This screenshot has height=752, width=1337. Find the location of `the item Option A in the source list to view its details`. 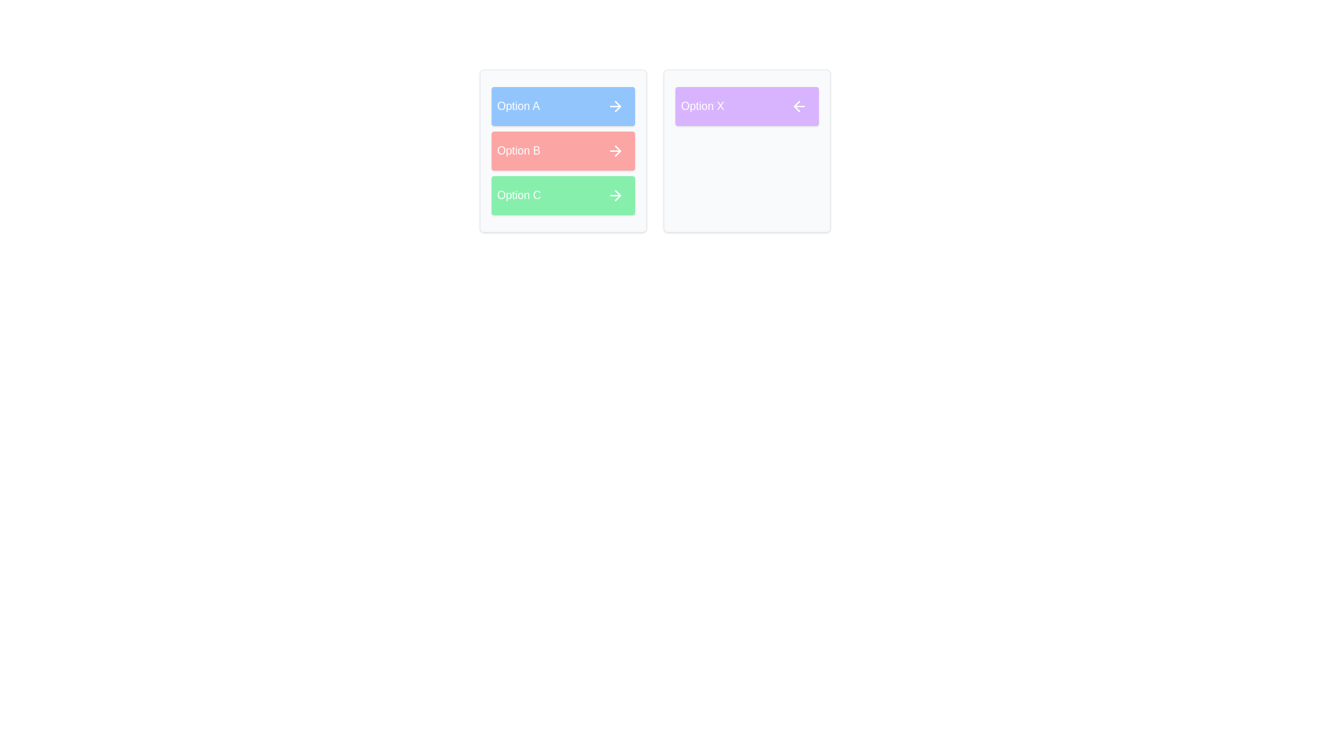

the item Option A in the source list to view its details is located at coordinates (563, 106).